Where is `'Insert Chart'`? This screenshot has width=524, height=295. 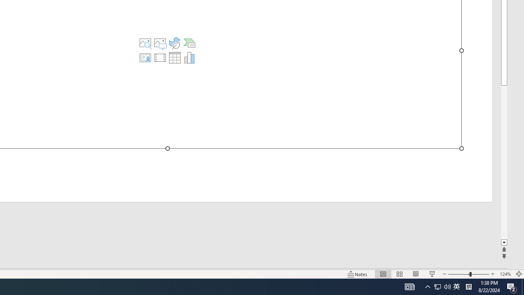 'Insert Chart' is located at coordinates (189, 57).